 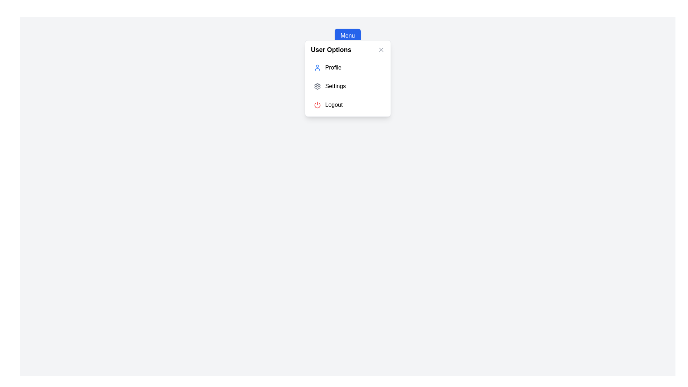 I want to click on the close button located in the top-right corner of the 'User Options' modal, so click(x=381, y=49).